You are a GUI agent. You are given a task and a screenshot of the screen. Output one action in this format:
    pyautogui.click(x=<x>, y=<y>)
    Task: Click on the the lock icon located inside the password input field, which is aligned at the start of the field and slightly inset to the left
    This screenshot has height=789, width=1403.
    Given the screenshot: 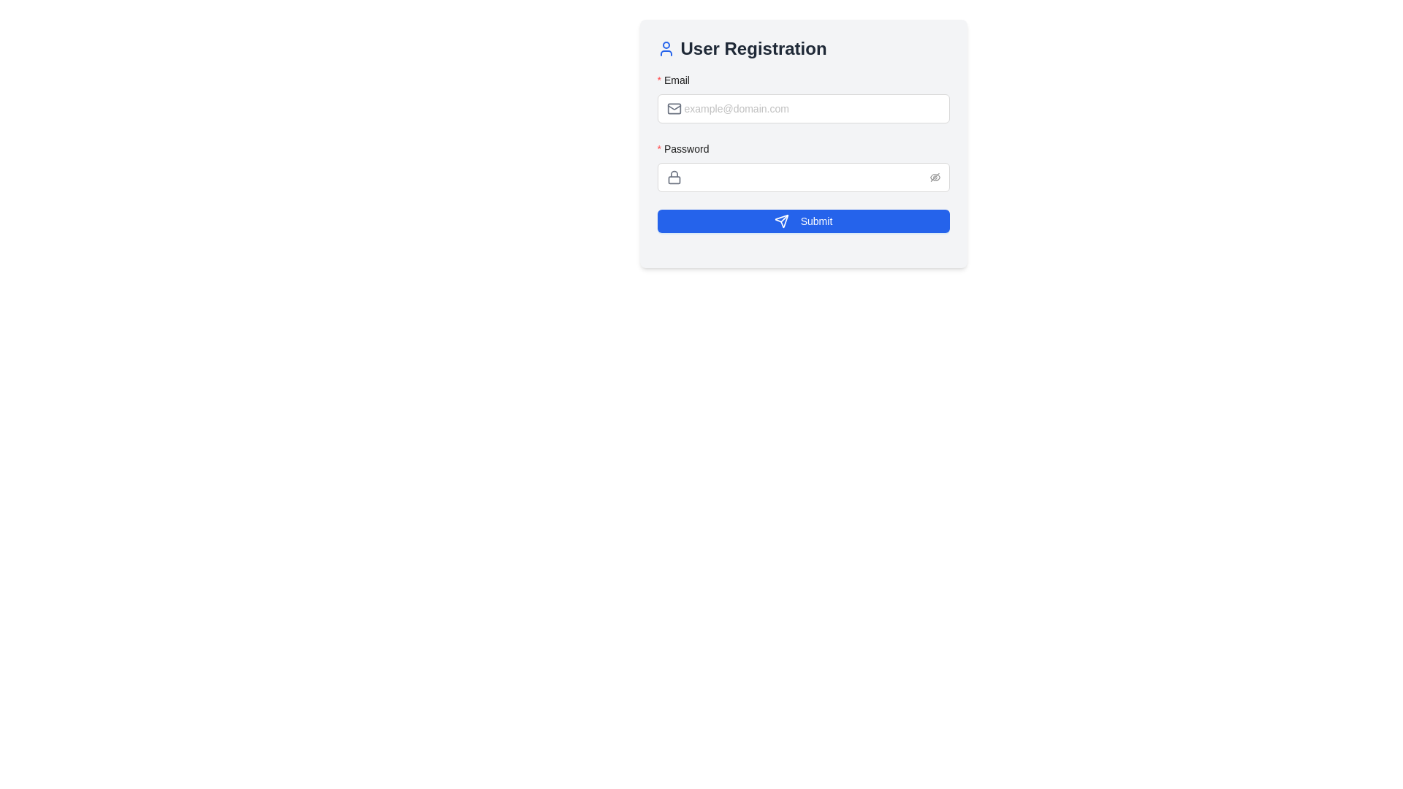 What is the action you would take?
    pyautogui.click(x=673, y=177)
    